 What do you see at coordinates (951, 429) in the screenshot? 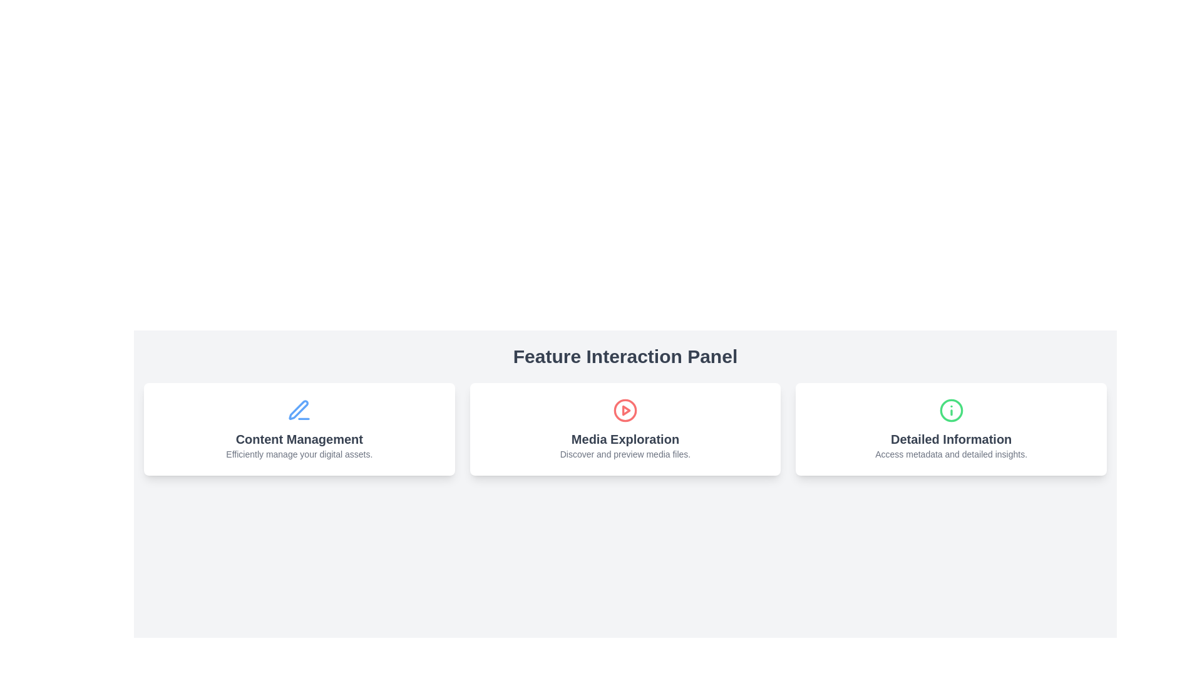
I see `the Information Card, which is the third card in a horizontal grid of three cards` at bounding box center [951, 429].